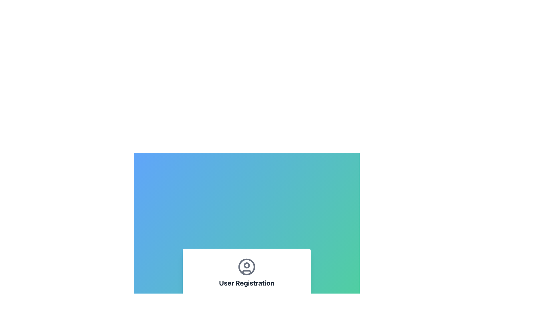 The image size is (549, 309). I want to click on the user profile icon located under the 'User Registration' section, which is centered horizontally above the 'User Registration' text, so click(247, 267).